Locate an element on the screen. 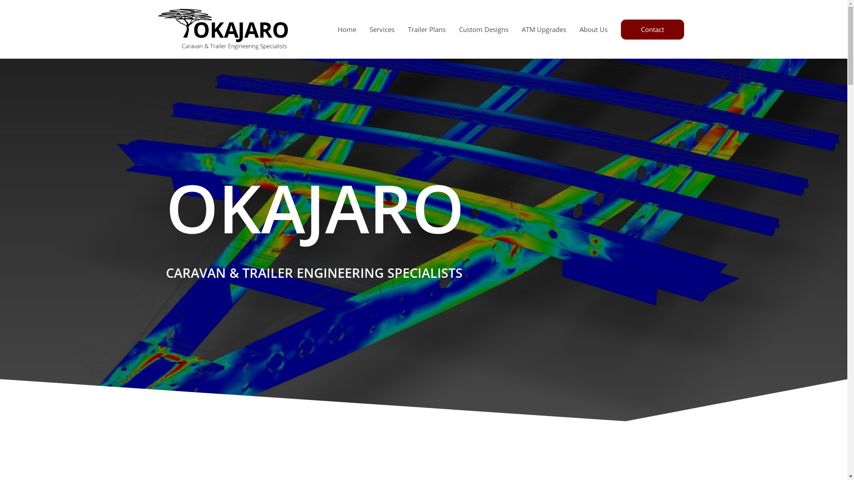 The width and height of the screenshot is (854, 480). 'About Us' is located at coordinates (593, 28).